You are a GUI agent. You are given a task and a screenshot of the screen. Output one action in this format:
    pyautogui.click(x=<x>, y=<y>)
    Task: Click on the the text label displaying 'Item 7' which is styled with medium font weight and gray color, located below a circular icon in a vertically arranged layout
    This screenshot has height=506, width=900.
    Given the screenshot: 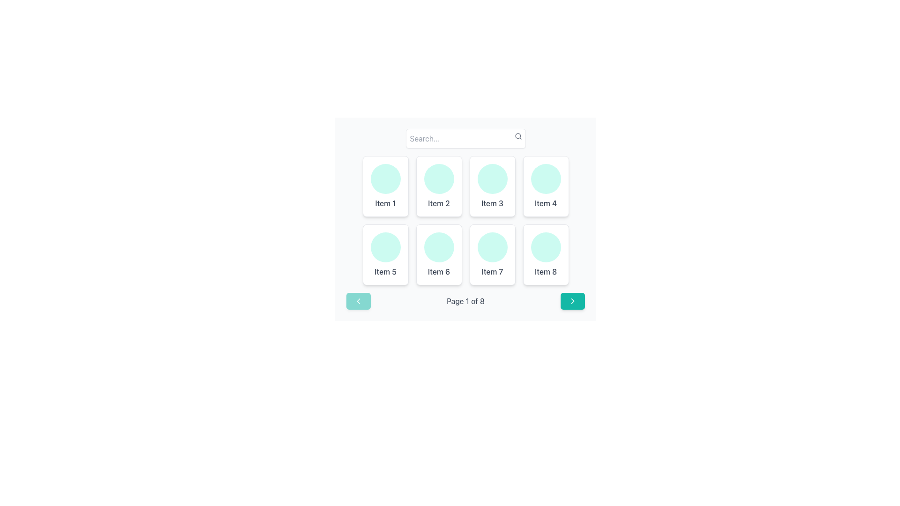 What is the action you would take?
    pyautogui.click(x=492, y=271)
    